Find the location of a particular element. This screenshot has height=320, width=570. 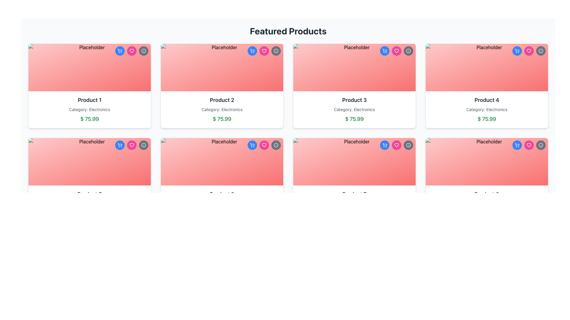

the circular blue button with a shopping cart icon located in the top-right section of the product card is located at coordinates (252, 51).